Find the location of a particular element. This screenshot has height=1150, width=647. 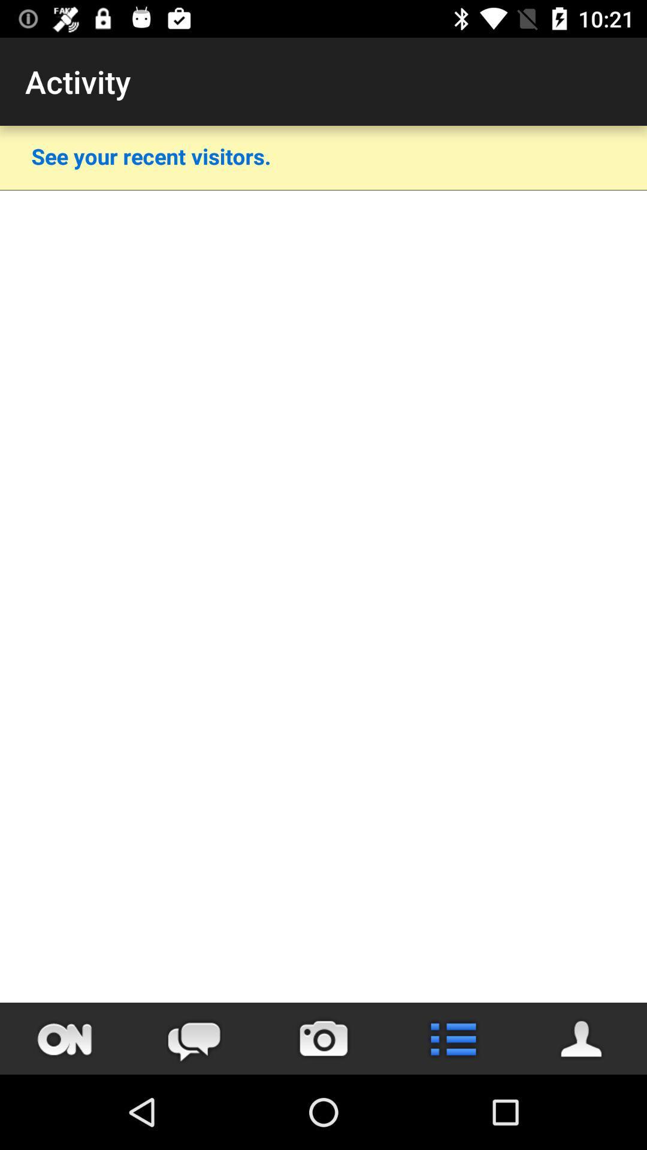

the item below activity item is located at coordinates (150, 155).